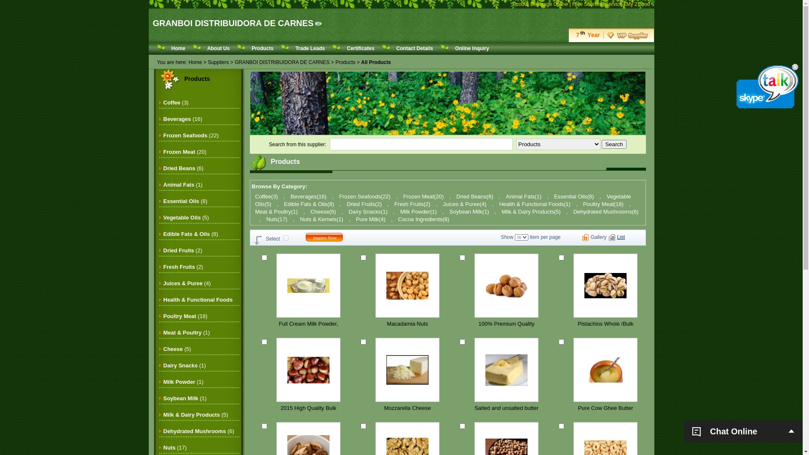 This screenshot has height=455, width=809. What do you see at coordinates (163, 135) in the screenshot?
I see `'Frozen Seafoods (22)'` at bounding box center [163, 135].